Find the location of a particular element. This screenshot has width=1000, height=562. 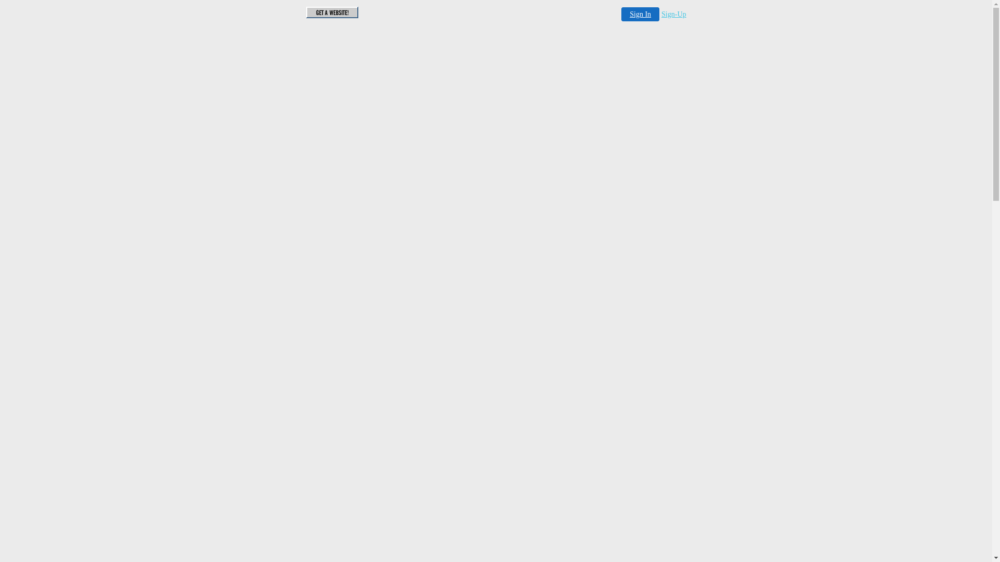

'Sign-Up' is located at coordinates (661, 14).